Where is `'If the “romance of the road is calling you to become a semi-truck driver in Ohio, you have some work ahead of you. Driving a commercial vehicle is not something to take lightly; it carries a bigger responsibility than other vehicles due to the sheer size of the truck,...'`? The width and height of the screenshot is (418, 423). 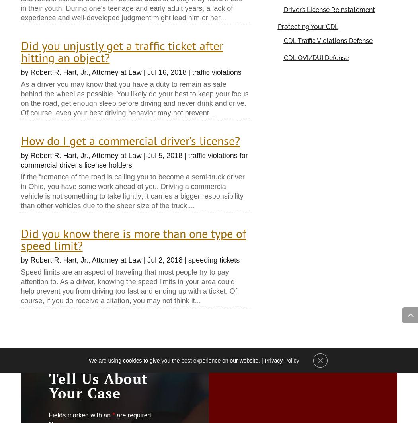 'If the “romance of the road is calling you to become a semi-truck driver in Ohio, you have some work ahead of you. Driving a commercial vehicle is not something to take lightly; it carries a bigger responsibility than other vehicles due to the sheer size of the truck,...' is located at coordinates (132, 191).